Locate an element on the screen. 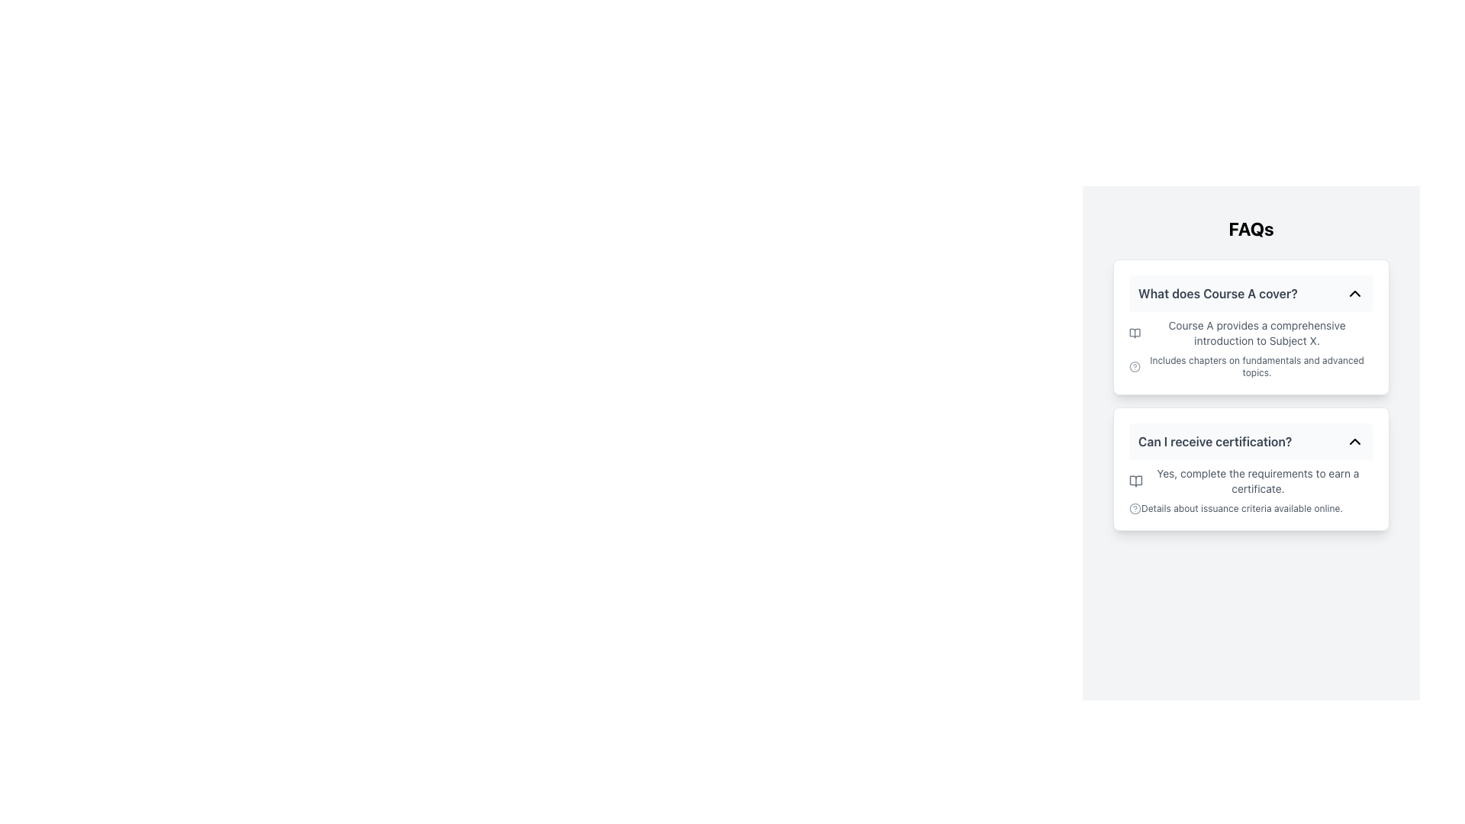  the decorative icon representing the course overview for 'Course A provides a comprehensive introduction to Subject X.' is located at coordinates (1135, 332).